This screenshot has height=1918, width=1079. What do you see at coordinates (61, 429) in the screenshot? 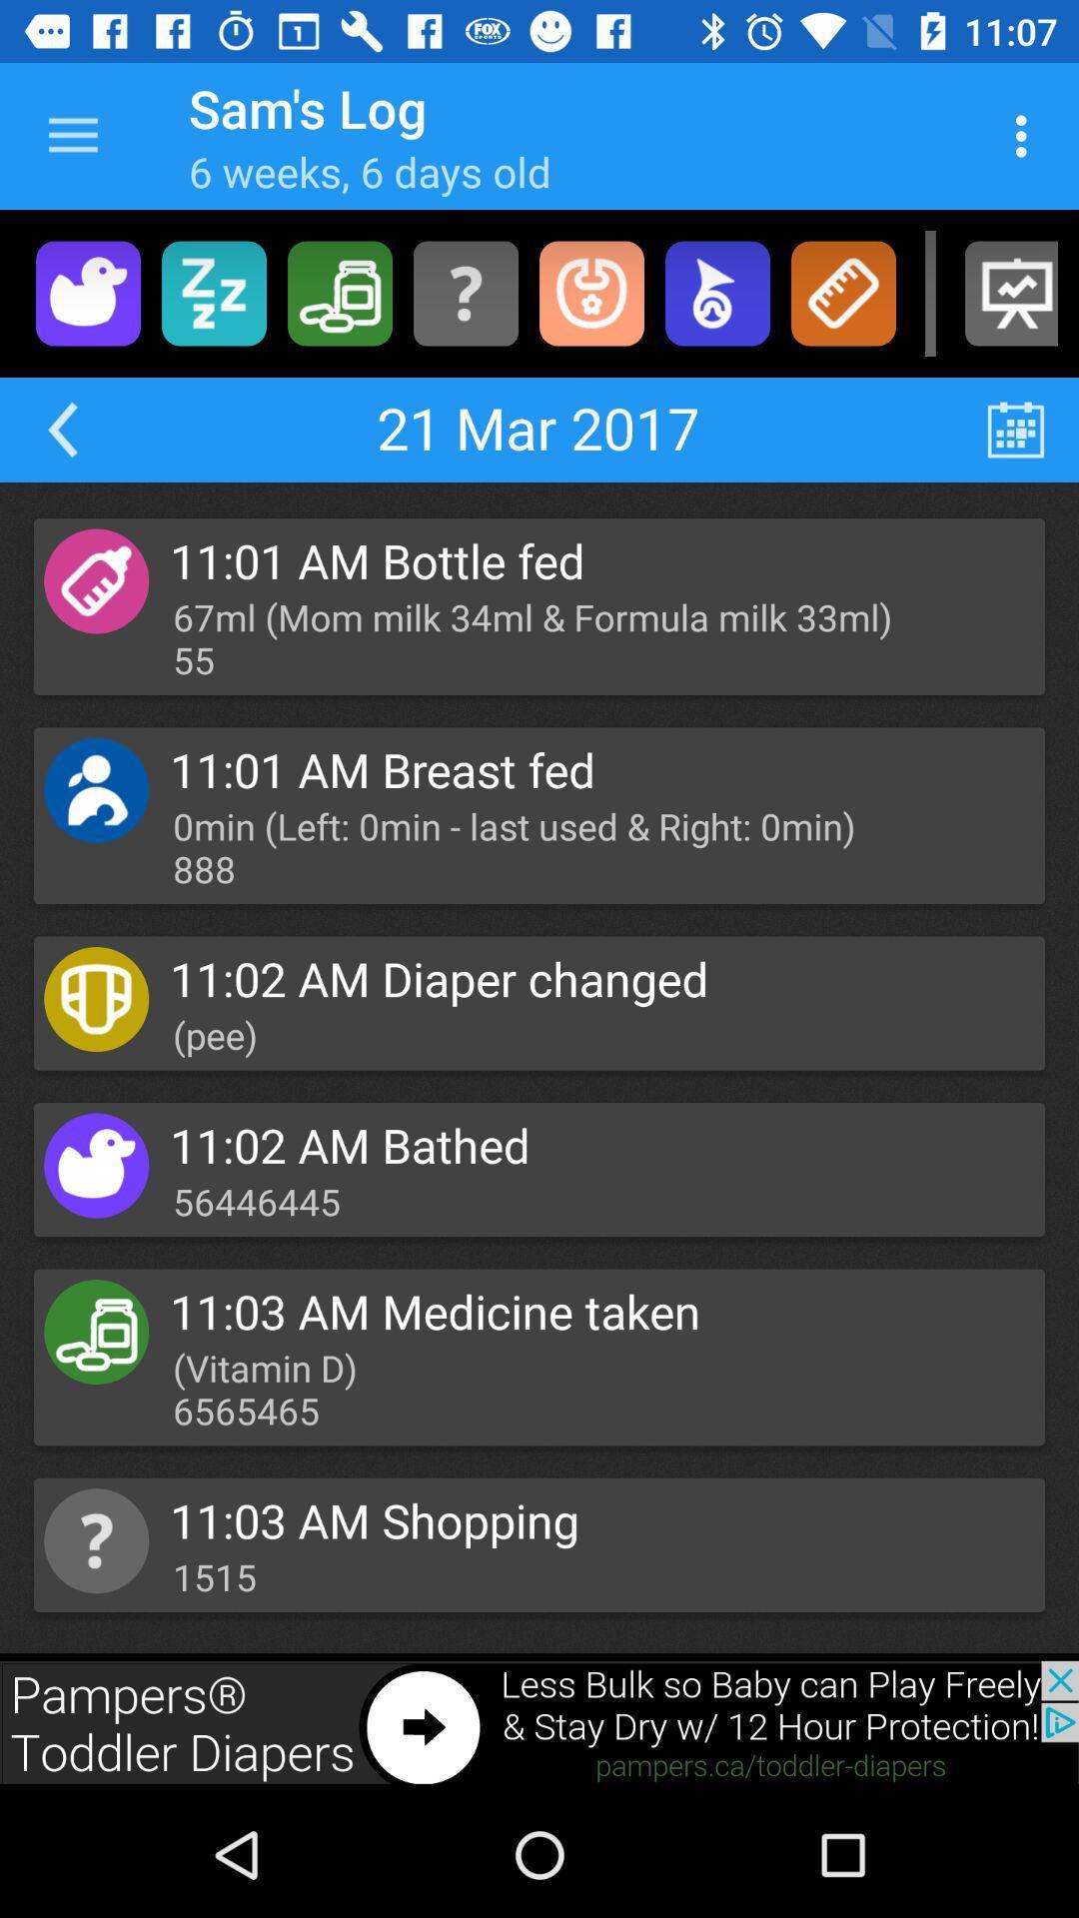
I see `the arrow_backward icon` at bounding box center [61, 429].